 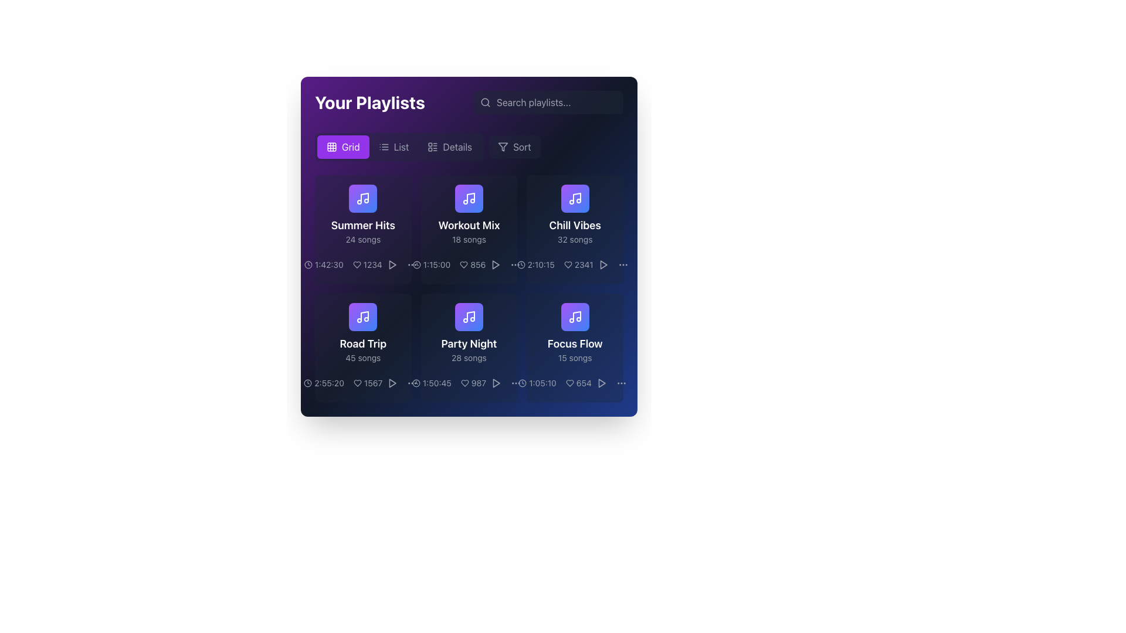 What do you see at coordinates (416, 264) in the screenshot?
I see `the small circular clock icon in the second row and first column of the playlist grid view, next to the duration label '1:15:00' for the 'Workout Mix' playlist` at bounding box center [416, 264].